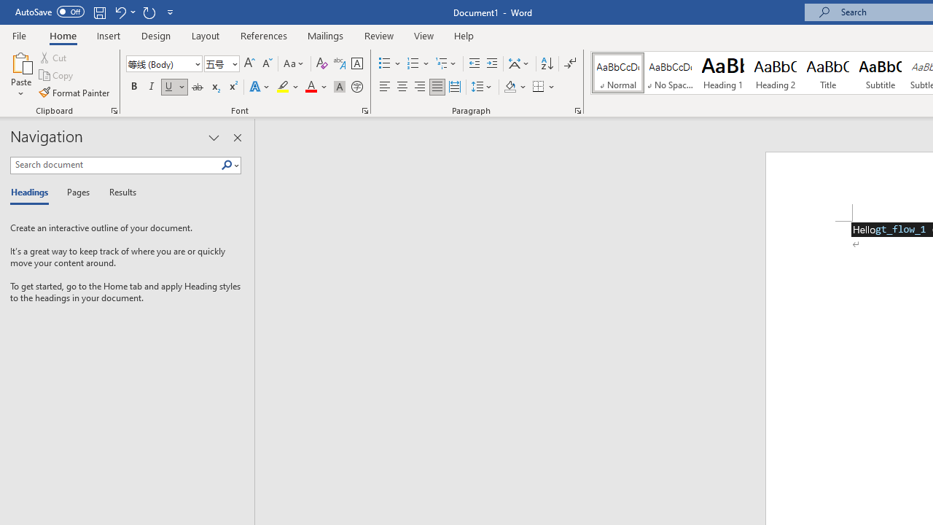 This screenshot has height=525, width=933. What do you see at coordinates (120, 12) in the screenshot?
I see `'Undo Underline Style'` at bounding box center [120, 12].